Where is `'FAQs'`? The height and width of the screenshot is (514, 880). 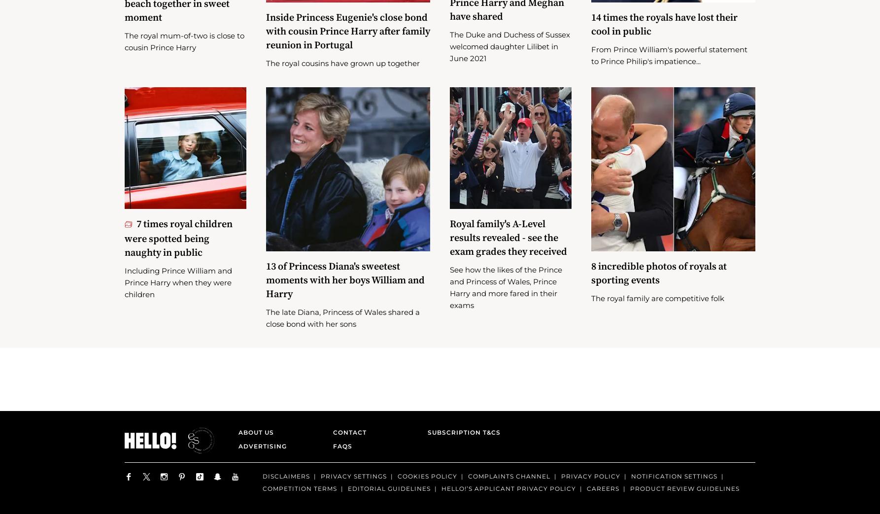
'FAQs' is located at coordinates (333, 460).